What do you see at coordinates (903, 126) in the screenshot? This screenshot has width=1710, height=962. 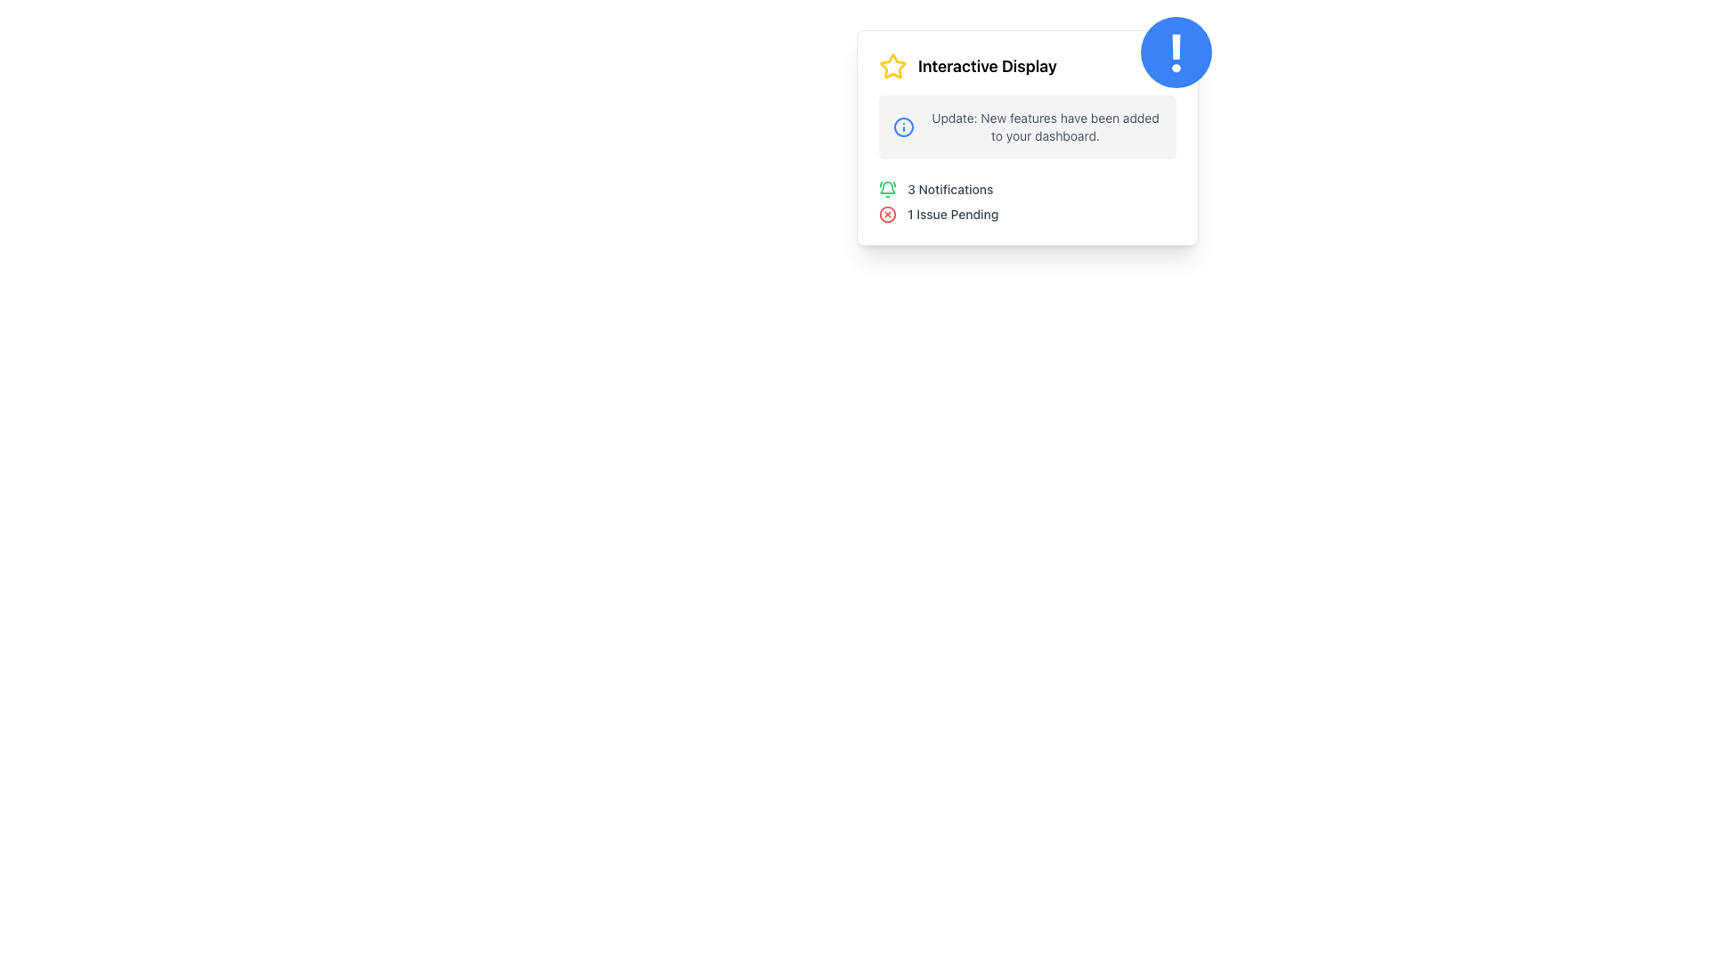 I see `the Informational Icon located in the notification box, positioned to the left of the text 'Update: New features have been added to your dashboard.'` at bounding box center [903, 126].